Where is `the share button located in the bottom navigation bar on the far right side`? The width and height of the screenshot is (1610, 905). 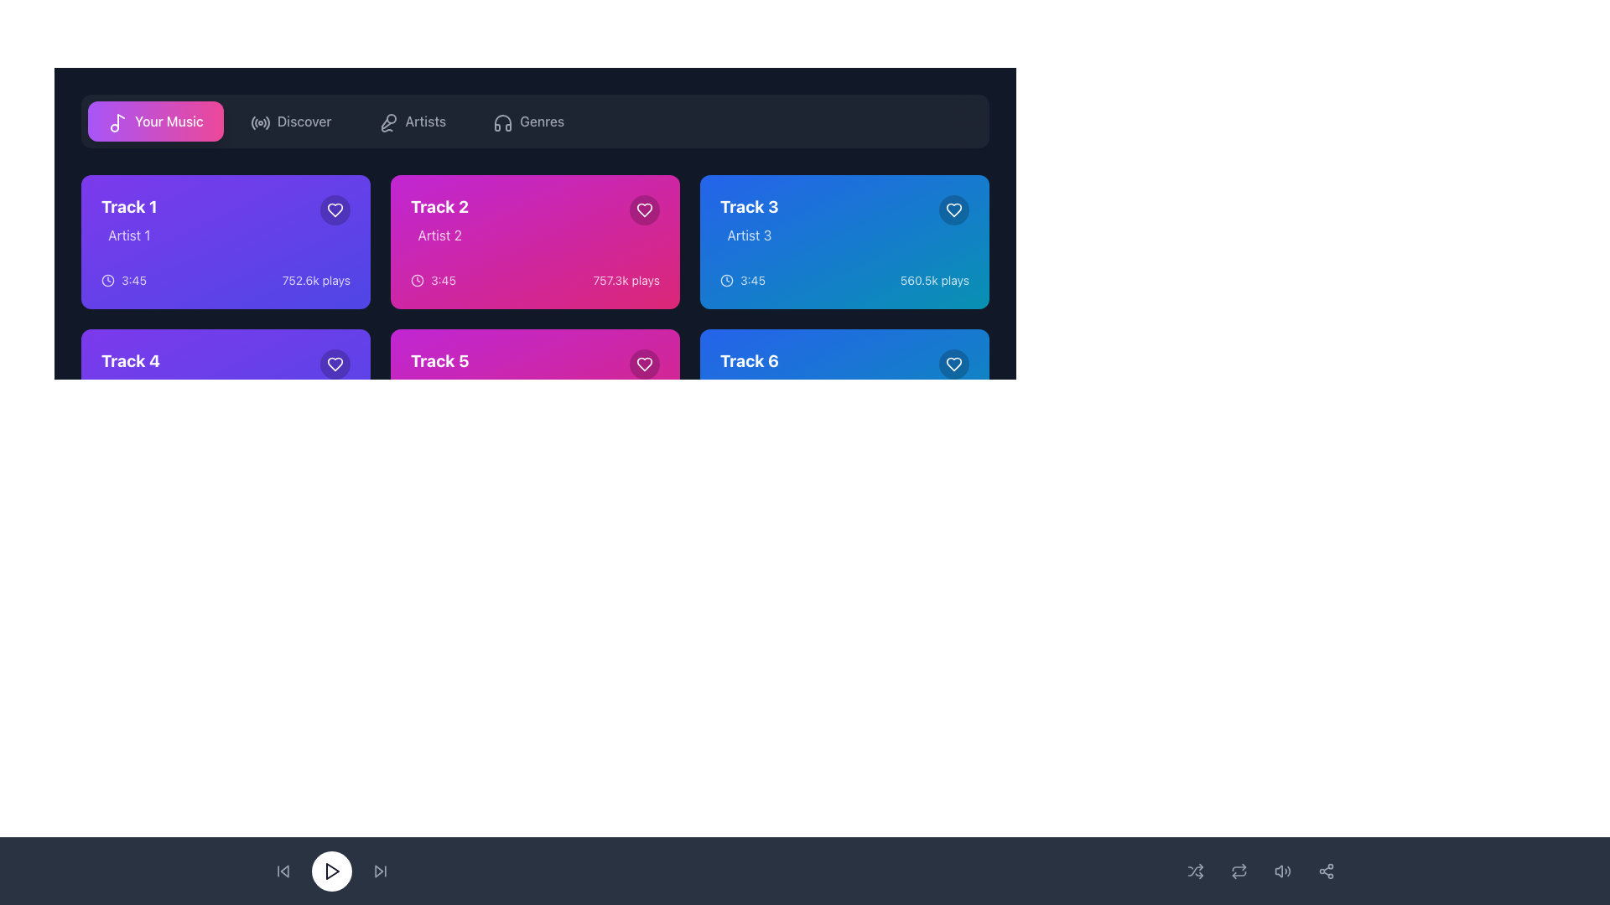
the share button located in the bottom navigation bar on the far right side is located at coordinates (1326, 871).